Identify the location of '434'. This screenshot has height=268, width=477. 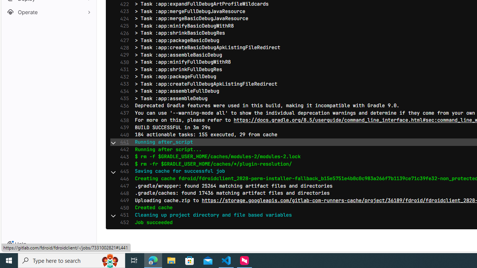
(123, 91).